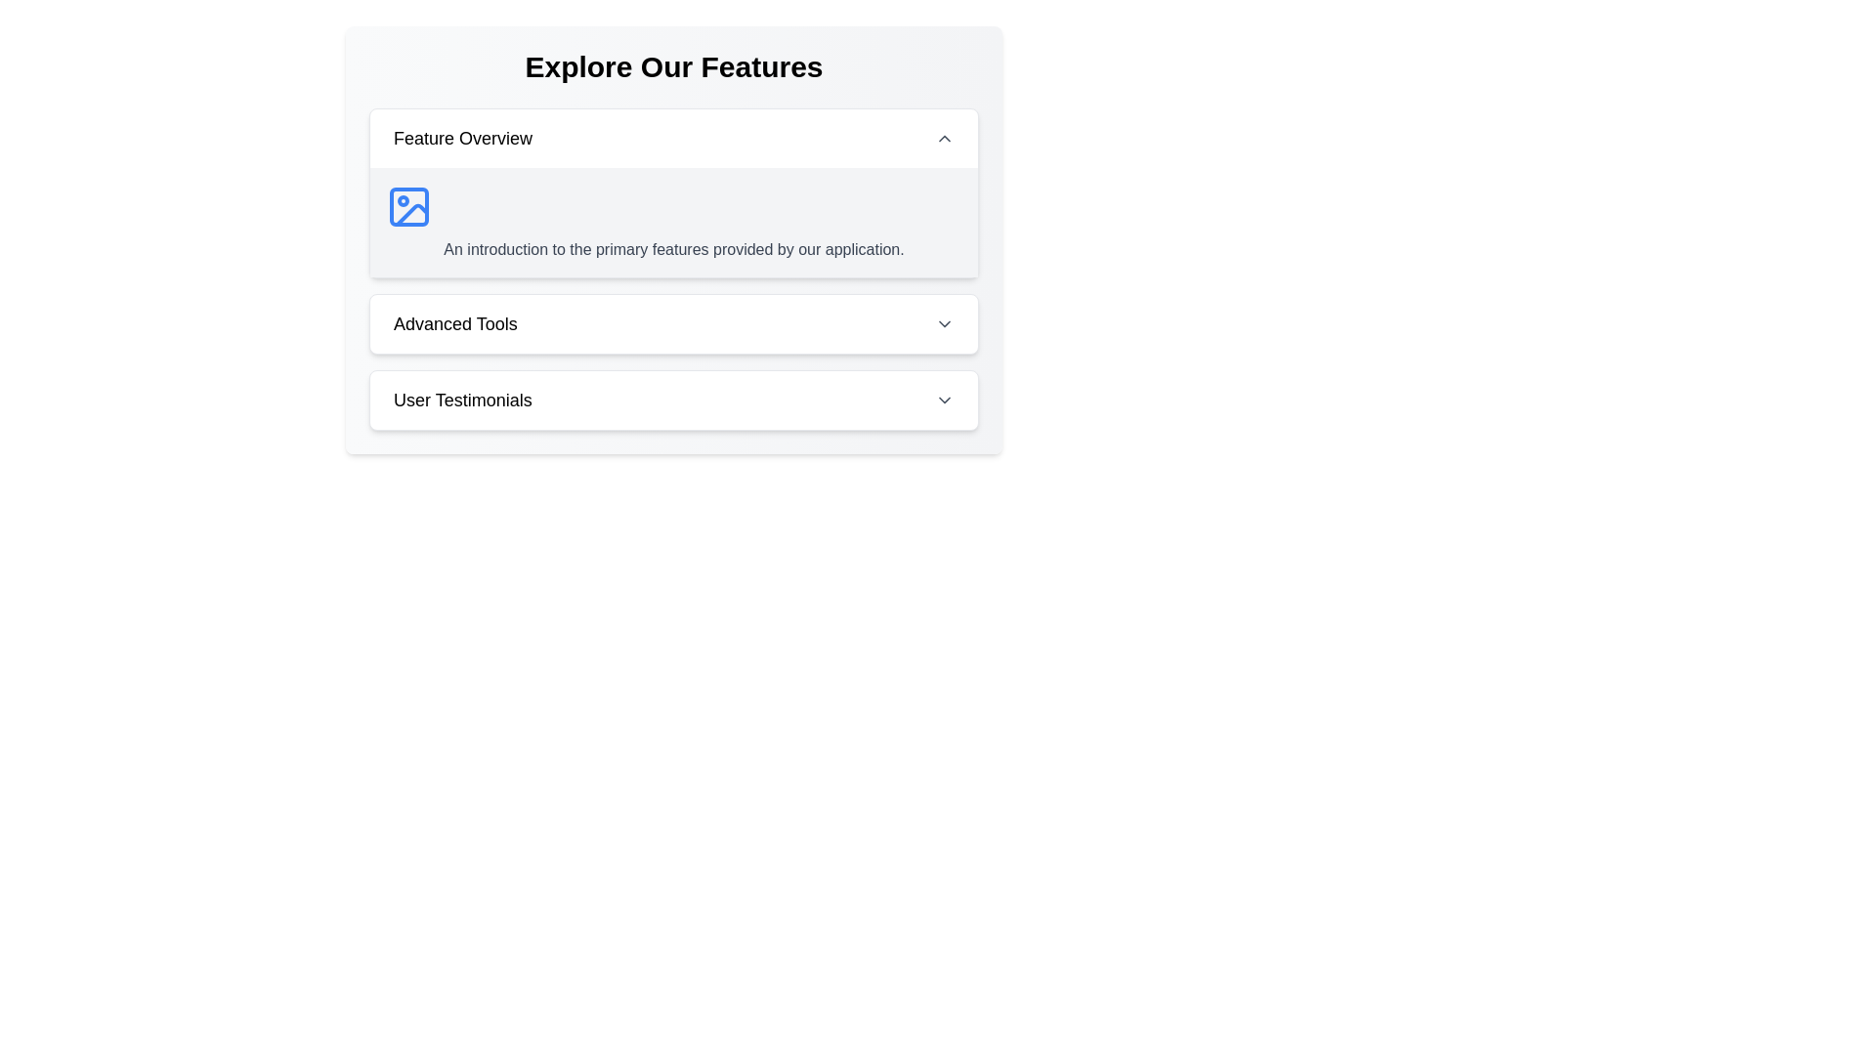 This screenshot has width=1876, height=1055. Describe the element at coordinates (944, 138) in the screenshot. I see `the chevron icon on the right side of the 'Feature Overview' section` at that location.